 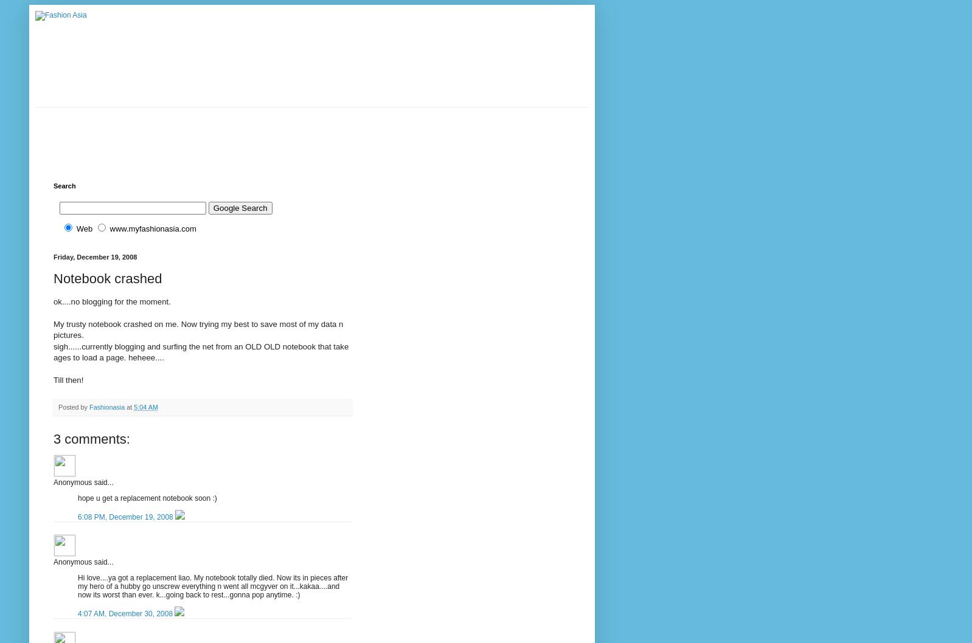 I want to click on 'sigh......currently blogging and surfing the net from an OLD OLD notebook that take ages to load a page. heheee....', so click(x=53, y=352).